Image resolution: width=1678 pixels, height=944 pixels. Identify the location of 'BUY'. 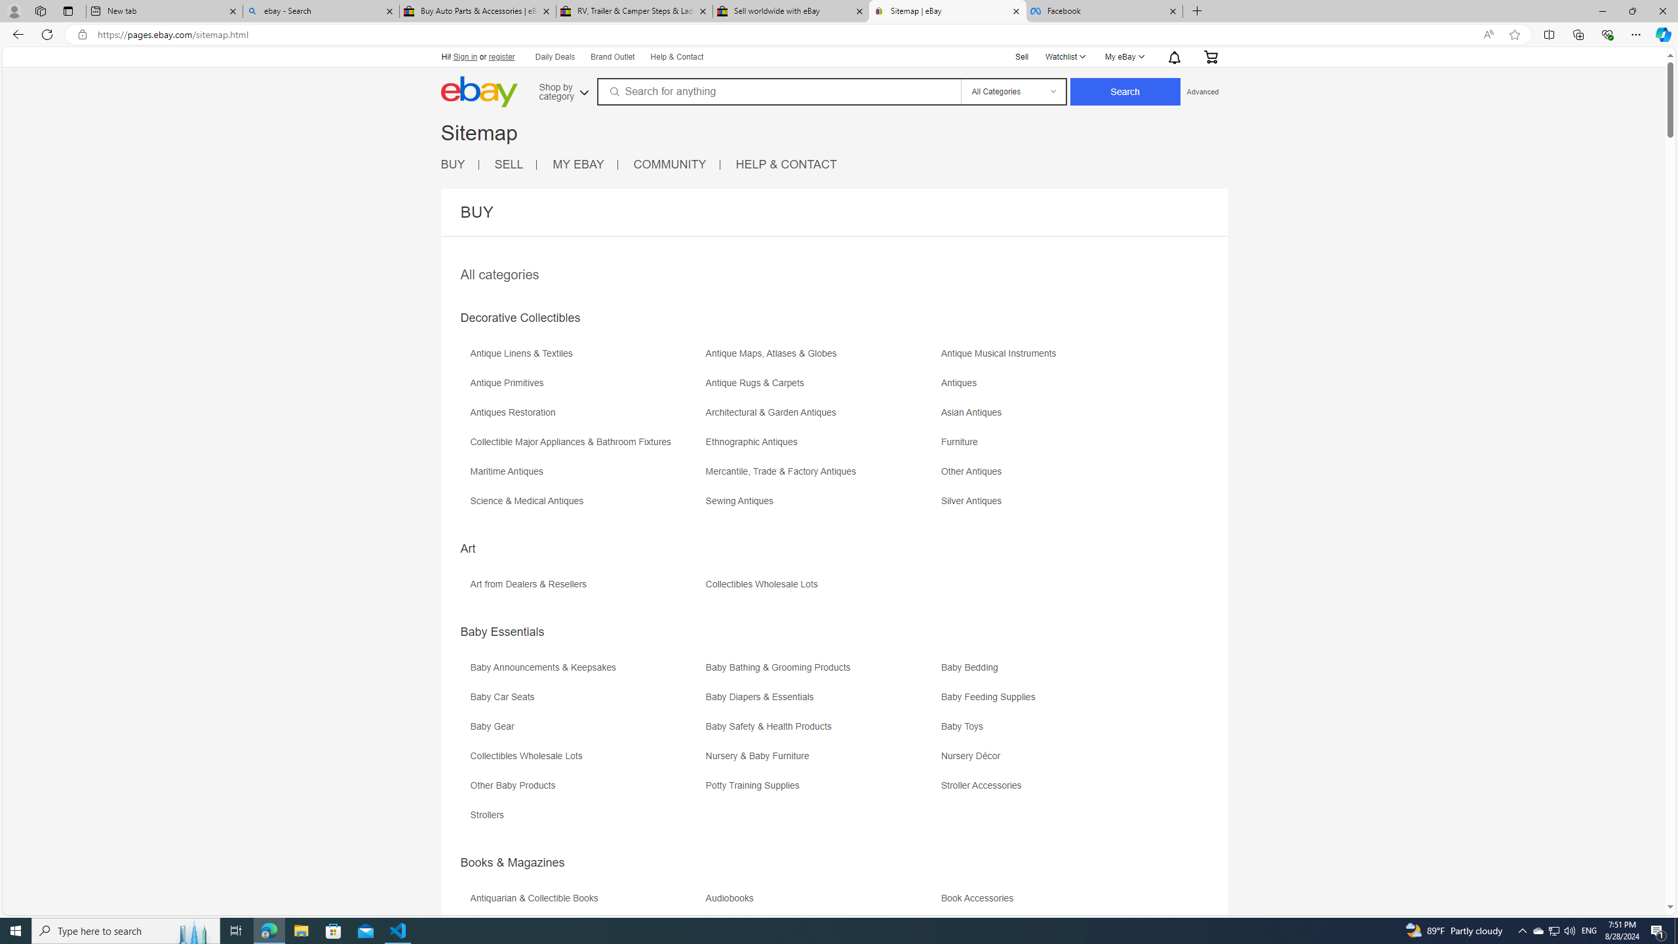
(451, 163).